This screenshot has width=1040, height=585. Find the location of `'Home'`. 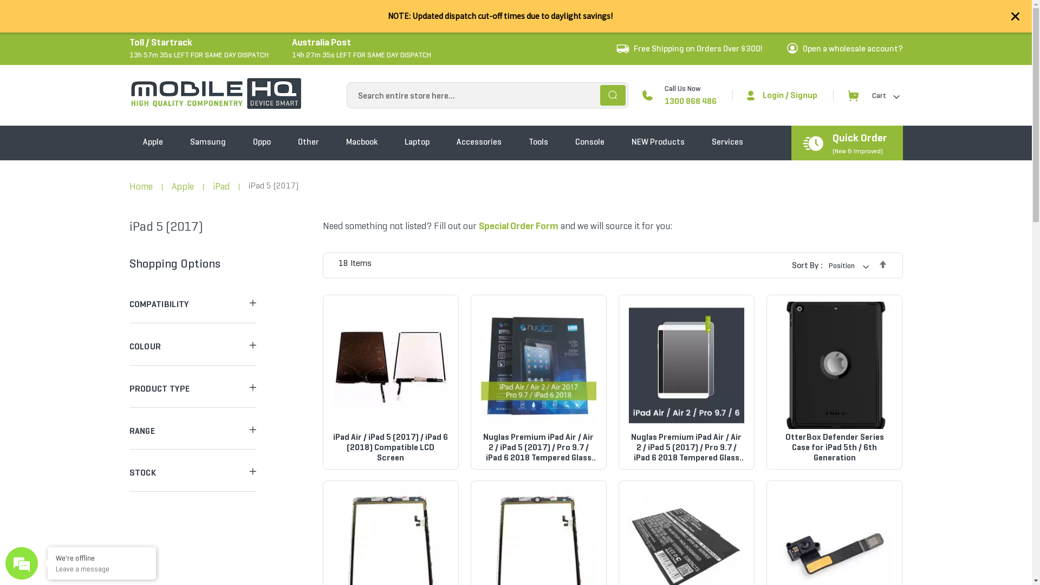

'Home' is located at coordinates (140, 185).